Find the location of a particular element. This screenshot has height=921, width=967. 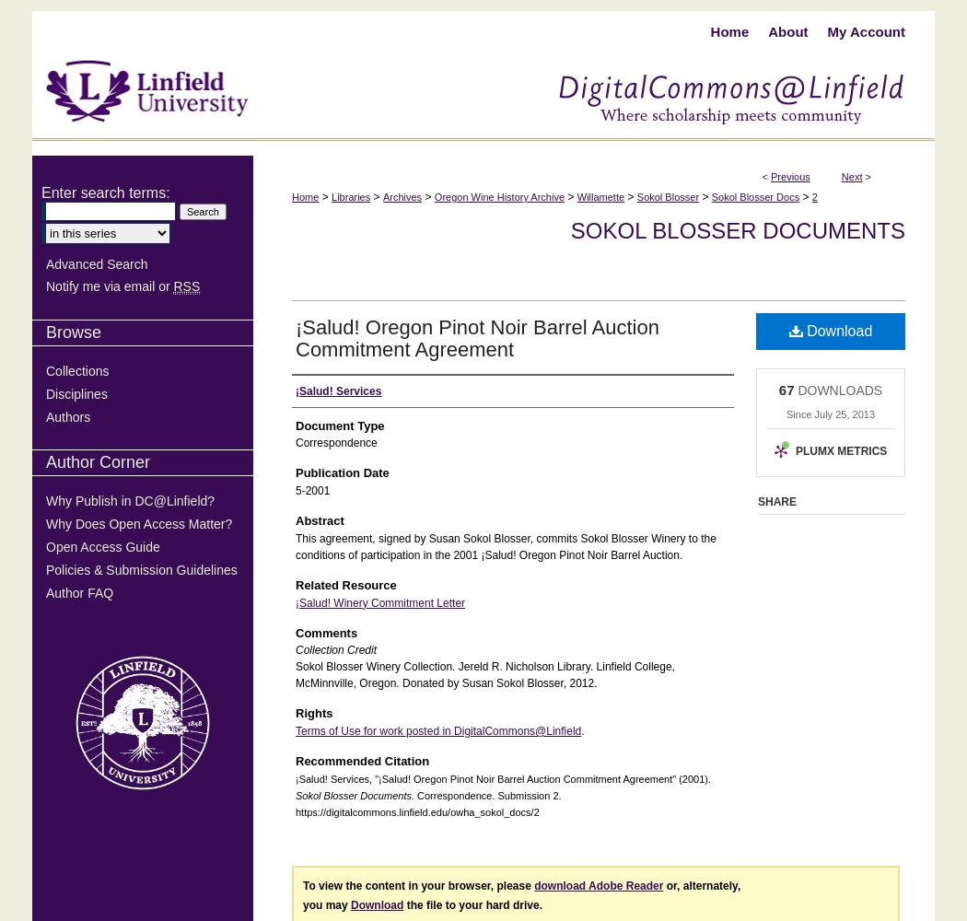

'¡Salud! Services, "¡Salud! Oregon Pinot Noir Barrel Auction Commitment Agreement" (2001).' is located at coordinates (503, 777).